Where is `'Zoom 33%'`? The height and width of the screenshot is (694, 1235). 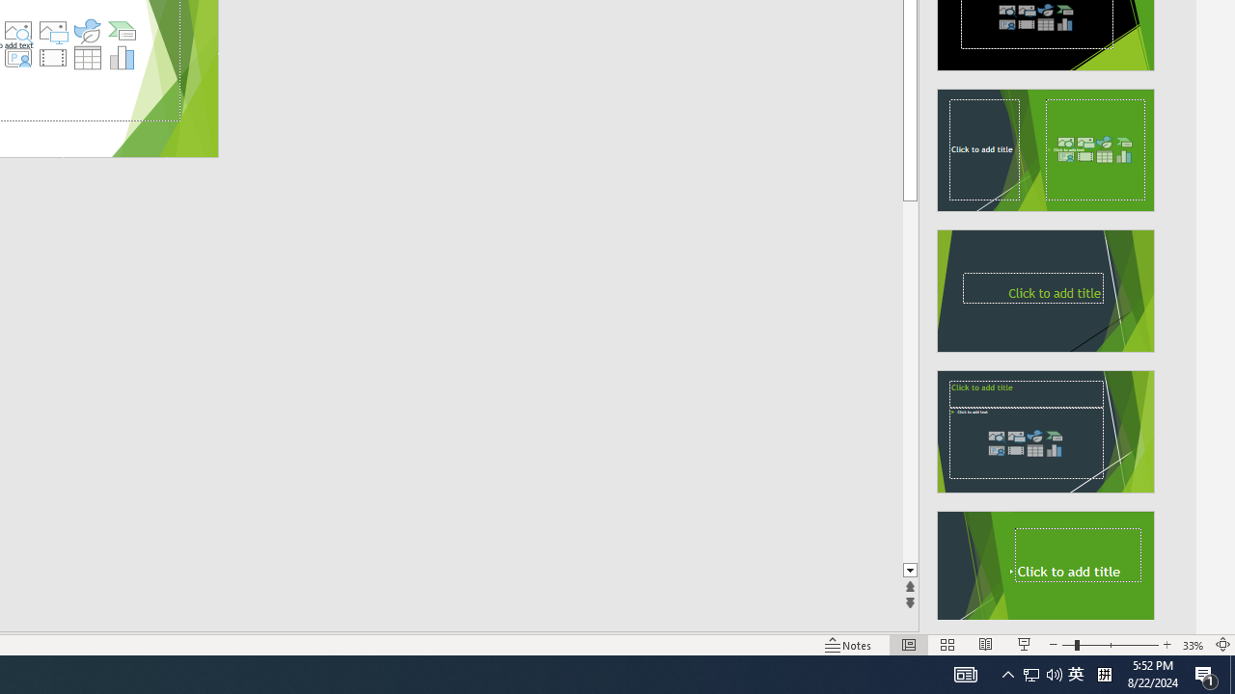
'Zoom 33%' is located at coordinates (1193, 645).